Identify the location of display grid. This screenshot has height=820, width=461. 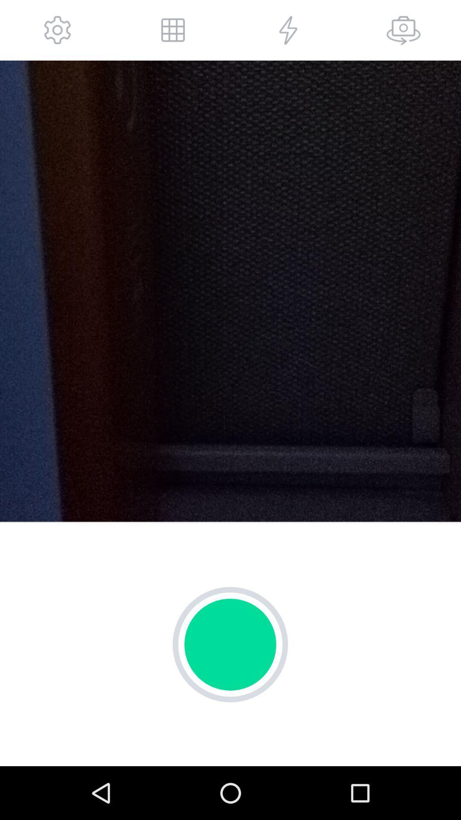
(173, 30).